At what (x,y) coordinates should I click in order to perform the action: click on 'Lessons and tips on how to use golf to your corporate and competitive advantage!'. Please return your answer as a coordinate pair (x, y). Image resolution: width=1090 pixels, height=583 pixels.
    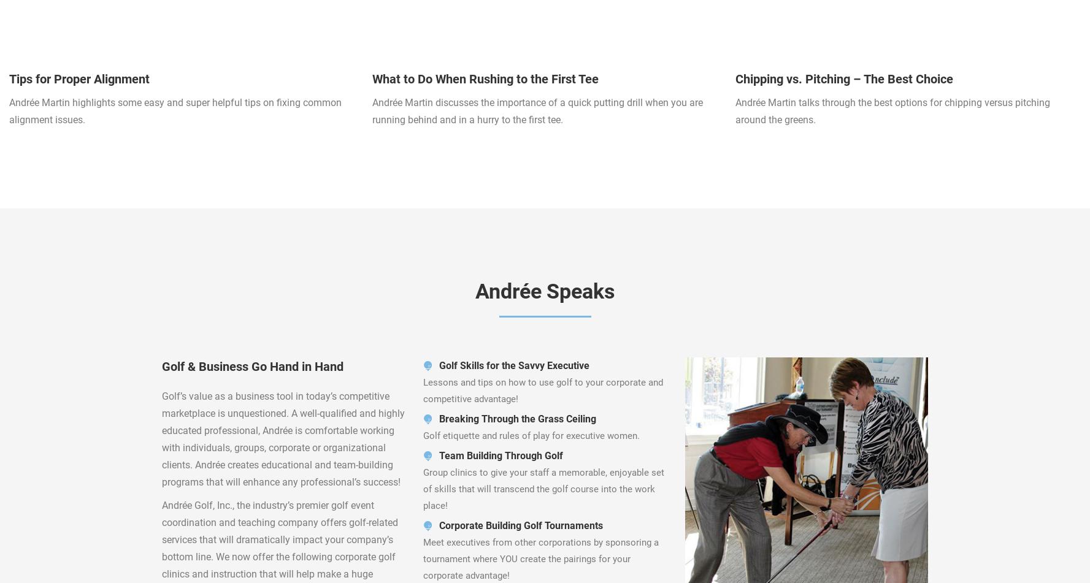
    Looking at the image, I should click on (542, 390).